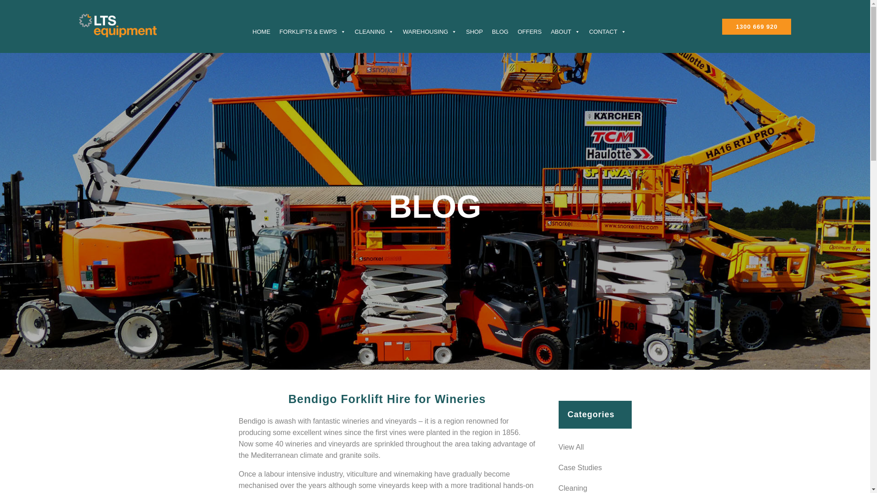  Describe the element at coordinates (529, 31) in the screenshot. I see `'OFFERS'` at that location.